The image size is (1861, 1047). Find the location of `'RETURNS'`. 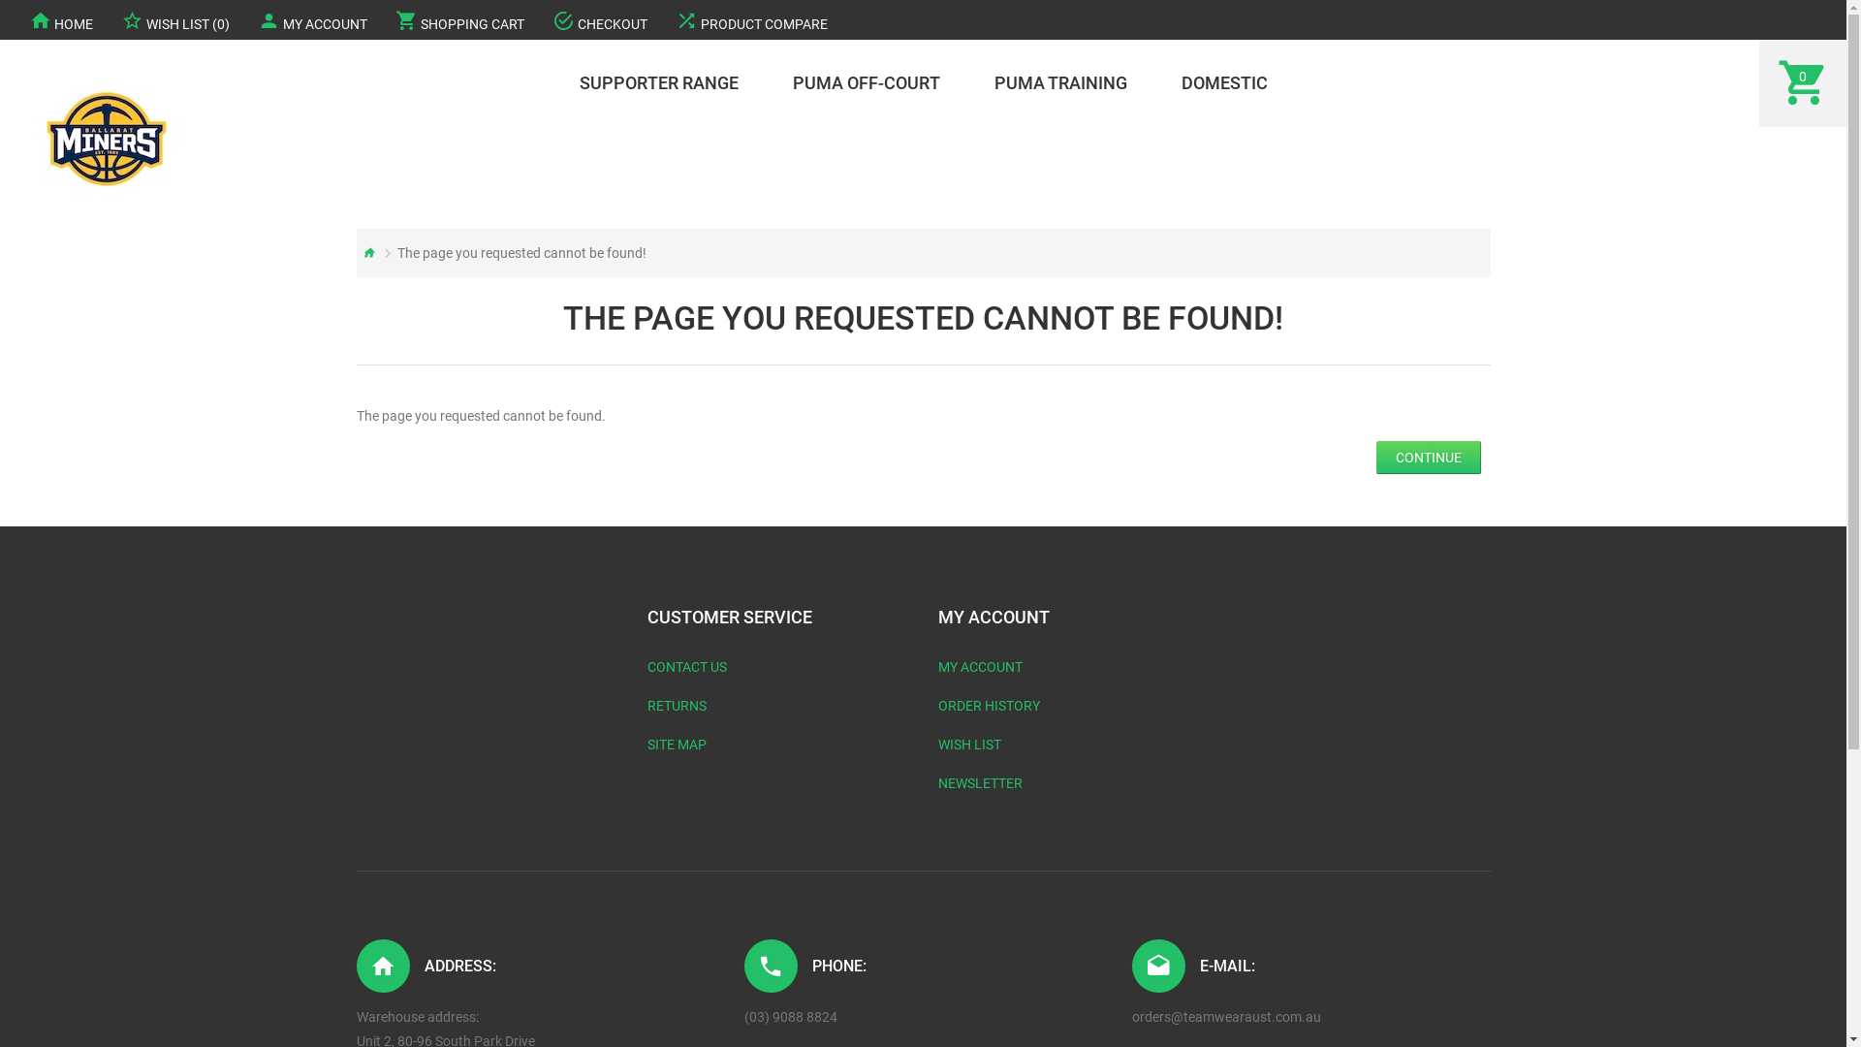

'RETURNS' is located at coordinates (647, 706).